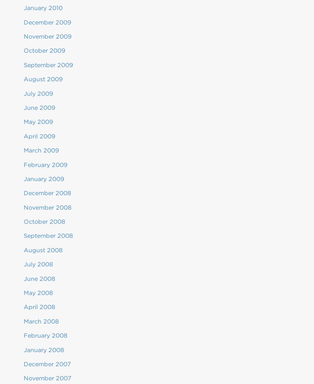 Image resolution: width=314 pixels, height=384 pixels. Describe the element at coordinates (47, 22) in the screenshot. I see `'December 2009'` at that location.